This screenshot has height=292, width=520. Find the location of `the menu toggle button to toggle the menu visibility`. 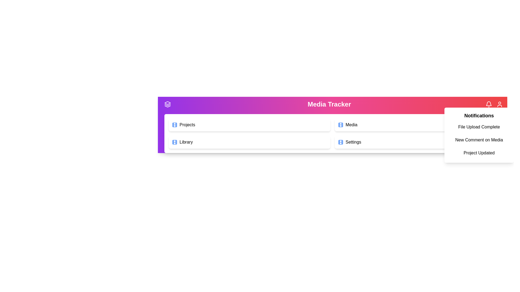

the menu toggle button to toggle the menu visibility is located at coordinates (167, 104).